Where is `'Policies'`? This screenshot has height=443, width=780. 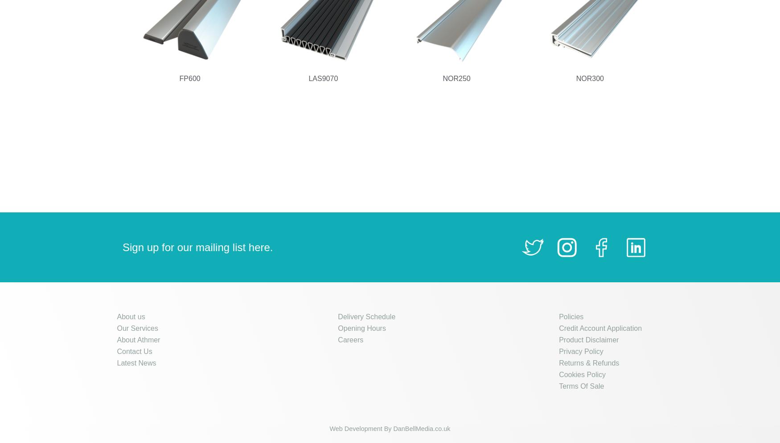
'Policies' is located at coordinates (571, 317).